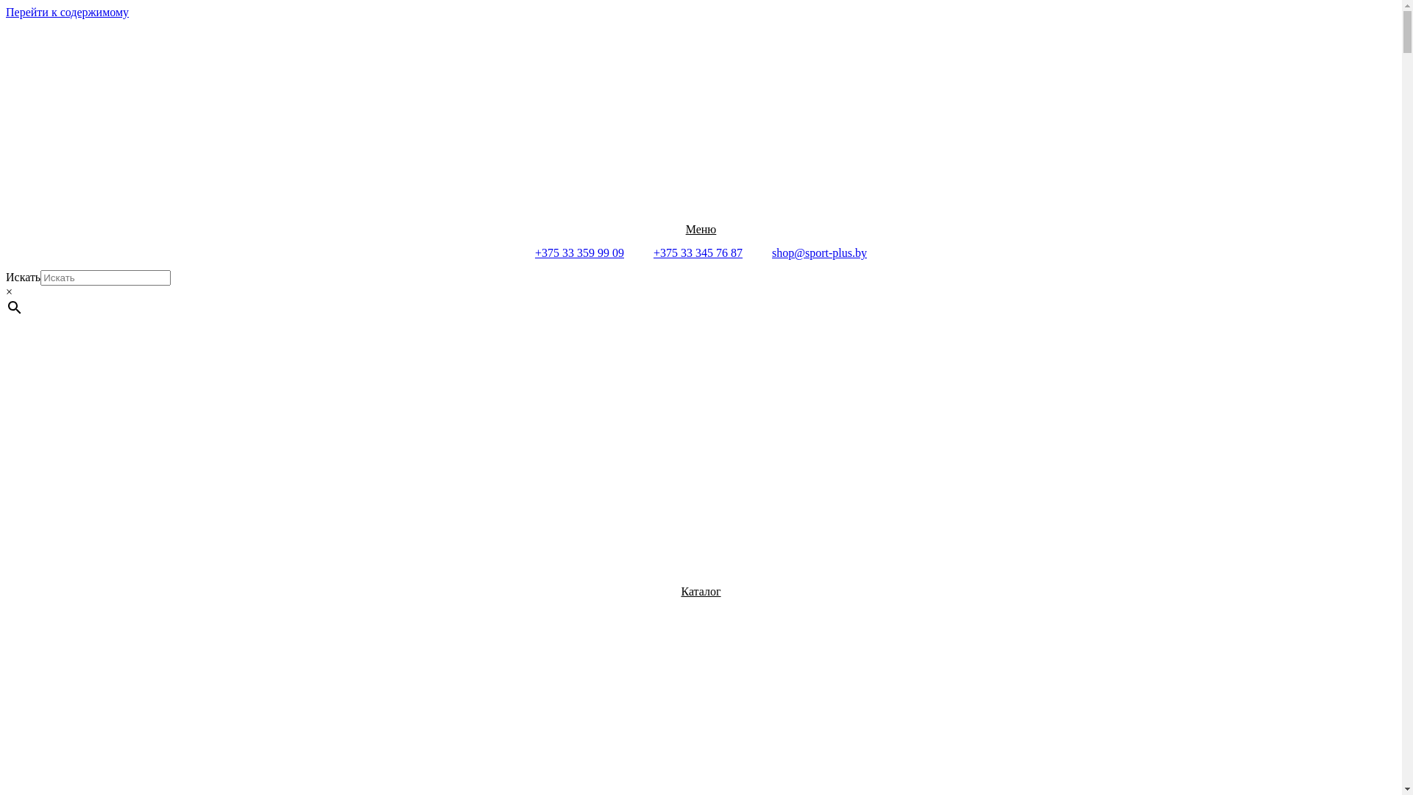 This screenshot has height=795, width=1413. What do you see at coordinates (818, 252) in the screenshot?
I see `'shop@sport-plus.by'` at bounding box center [818, 252].